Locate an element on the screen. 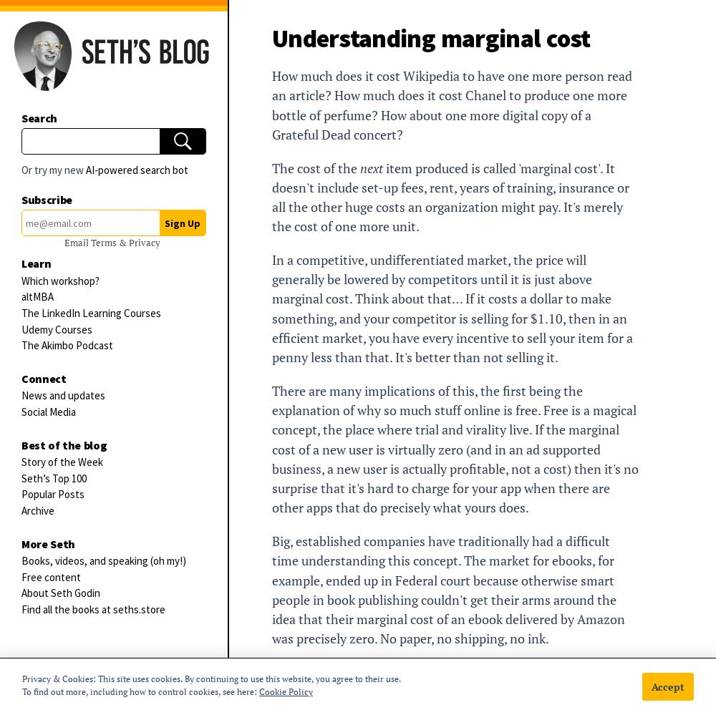  'Story of the Week' is located at coordinates (21, 461).